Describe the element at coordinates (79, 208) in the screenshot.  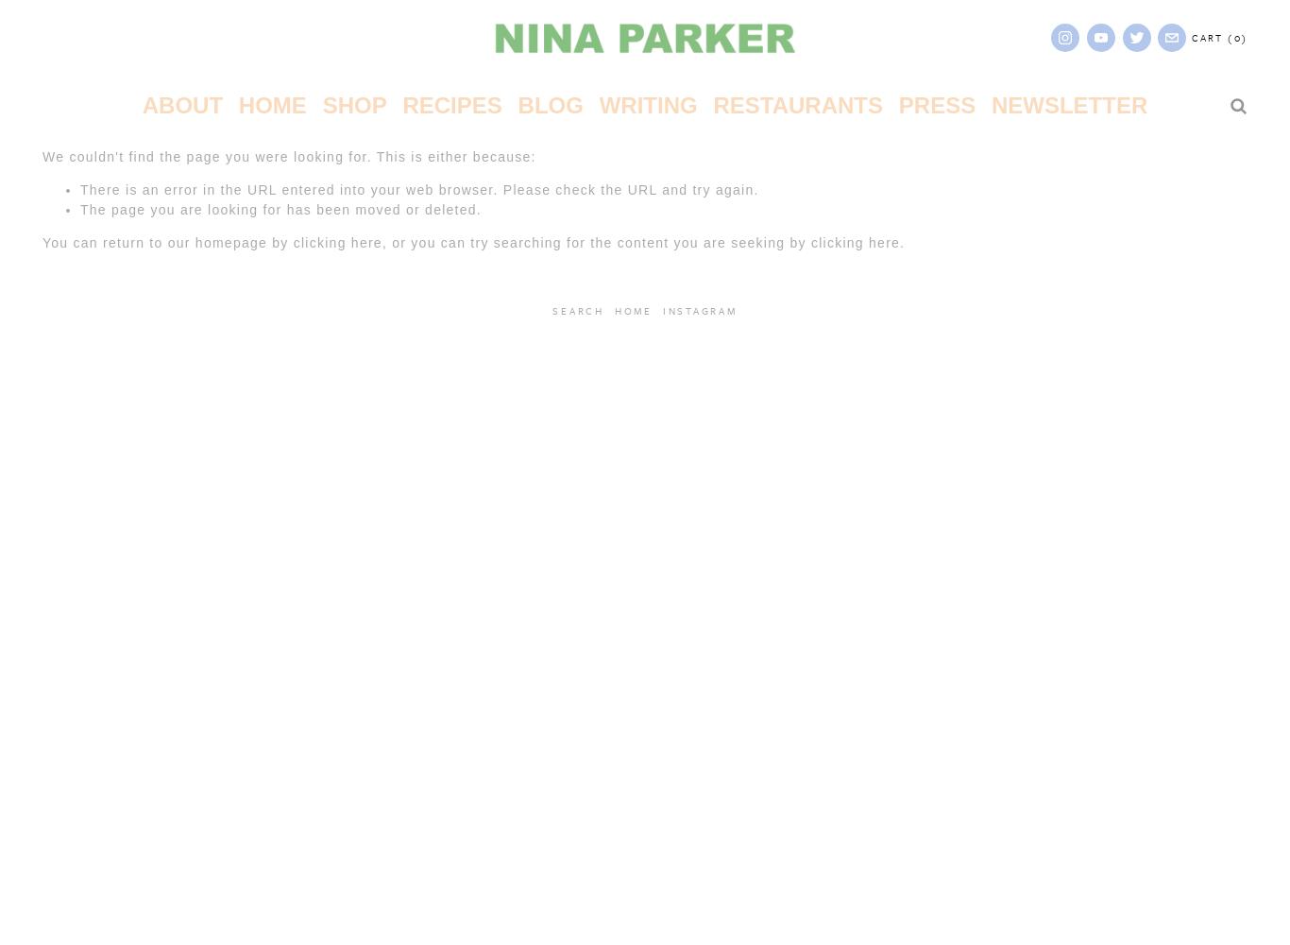
I see `'The page you are looking for has been moved or deleted.'` at that location.